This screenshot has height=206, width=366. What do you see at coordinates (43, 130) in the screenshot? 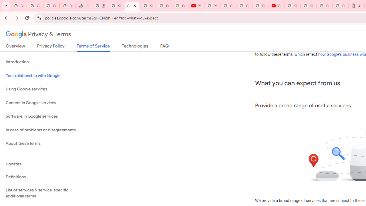
I see `'In case of problems or disagreements'` at bounding box center [43, 130].